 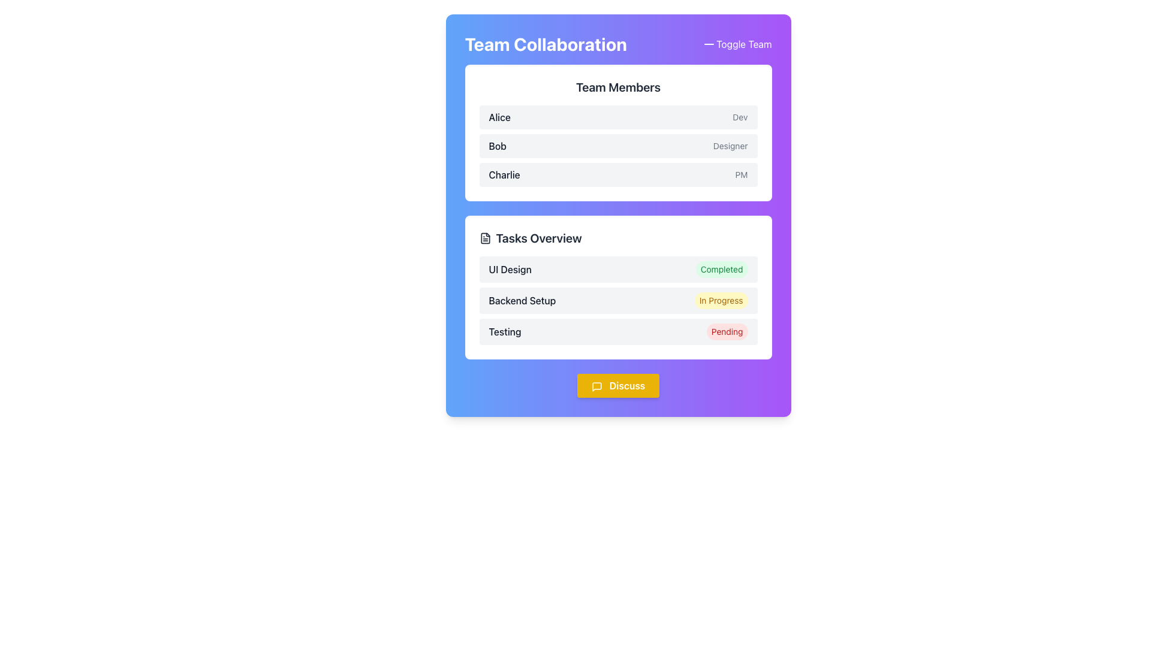 I want to click on the icon representing task-related documentation located to the left of the 'Tasks Overview' heading, so click(x=485, y=238).